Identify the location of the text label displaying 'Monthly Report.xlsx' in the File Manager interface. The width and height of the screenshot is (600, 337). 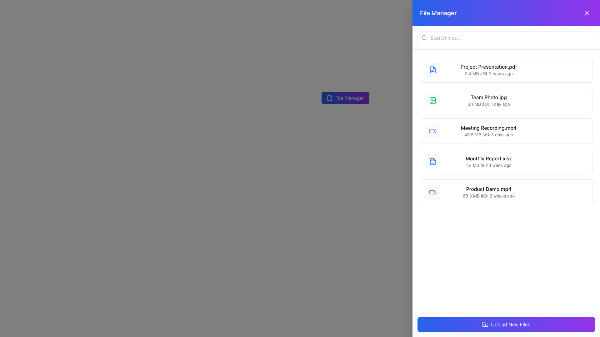
(488, 158).